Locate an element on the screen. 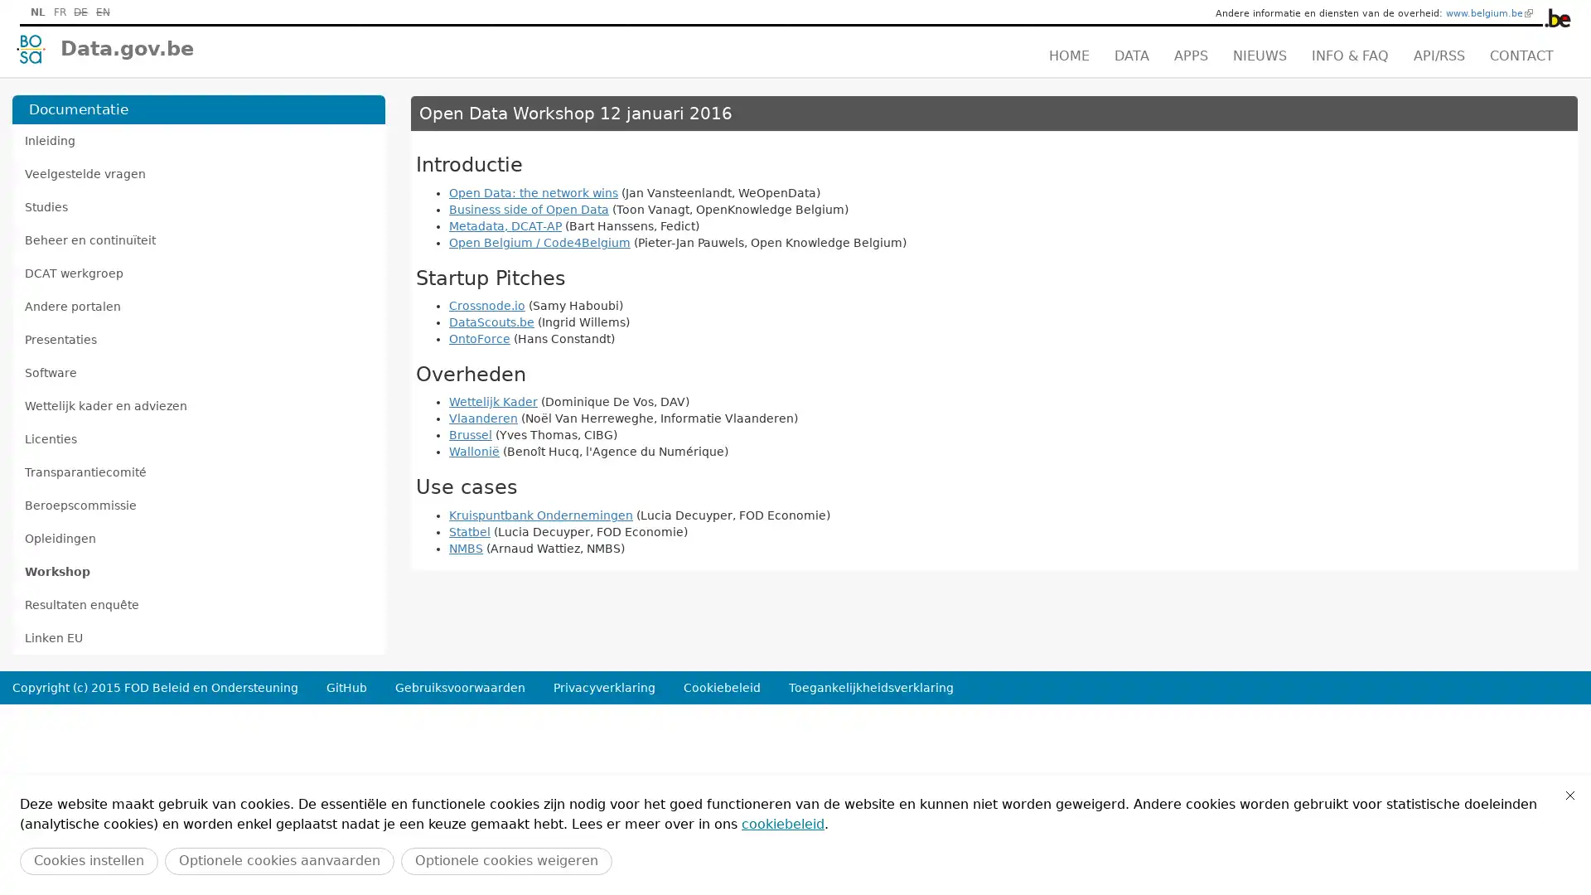 This screenshot has width=1591, height=895. Optionele cookies aanvaarden is located at coordinates (279, 860).